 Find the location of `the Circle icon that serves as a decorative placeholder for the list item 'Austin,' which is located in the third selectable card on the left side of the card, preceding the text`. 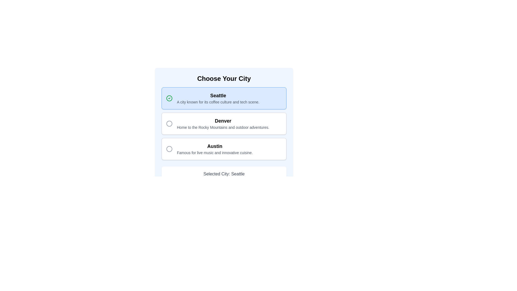

the Circle icon that serves as a decorative placeholder for the list item 'Austin,' which is located in the third selectable card on the left side of the card, preceding the text is located at coordinates (169, 149).